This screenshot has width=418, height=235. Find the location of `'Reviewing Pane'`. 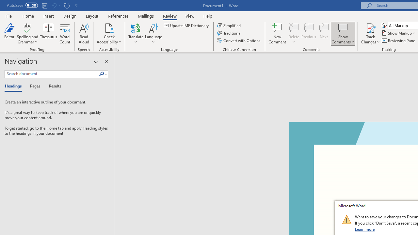

'Reviewing Pane' is located at coordinates (398, 40).